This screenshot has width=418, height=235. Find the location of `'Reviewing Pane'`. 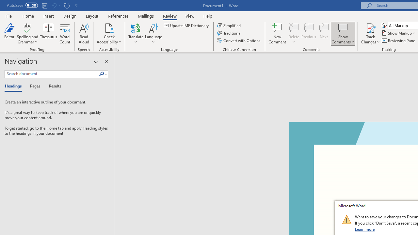

'Reviewing Pane' is located at coordinates (398, 40).